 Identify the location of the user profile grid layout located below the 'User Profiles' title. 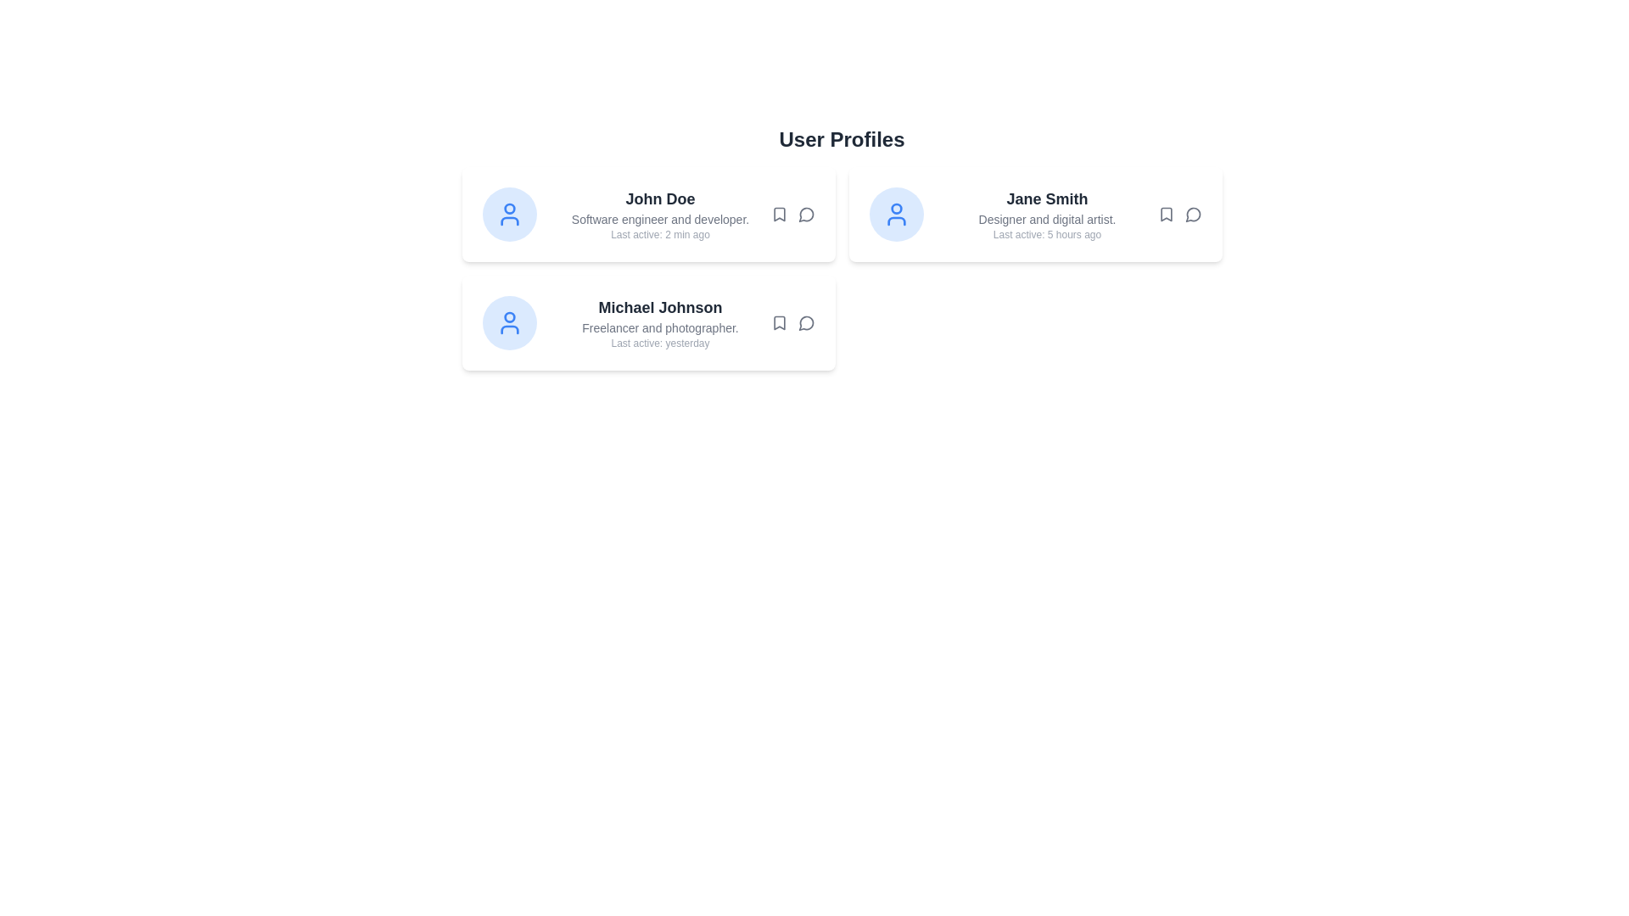
(842, 267).